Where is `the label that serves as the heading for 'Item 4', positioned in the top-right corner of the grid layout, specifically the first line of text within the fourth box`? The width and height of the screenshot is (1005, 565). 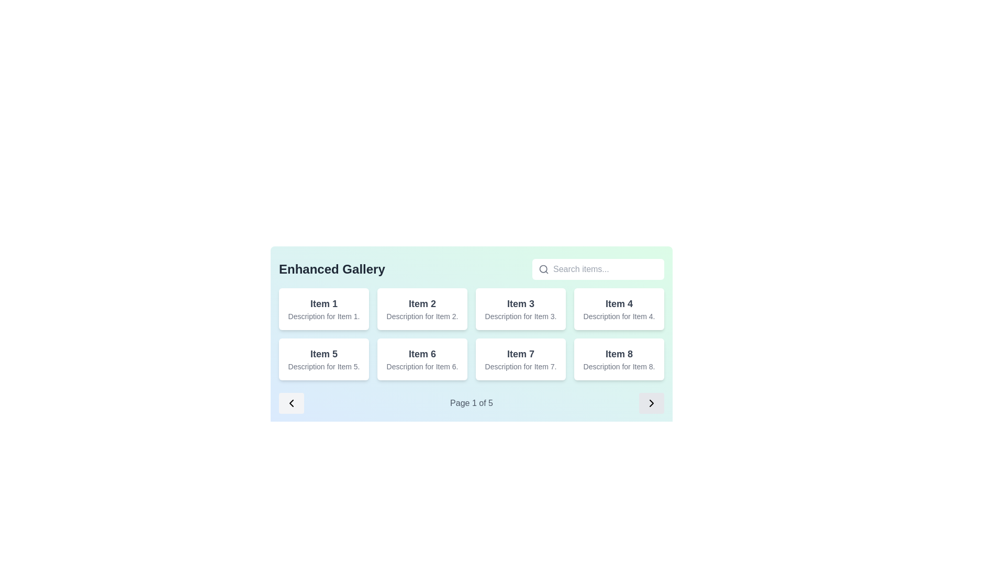 the label that serves as the heading for 'Item 4', positioned in the top-right corner of the grid layout, specifically the first line of text within the fourth box is located at coordinates (619, 304).